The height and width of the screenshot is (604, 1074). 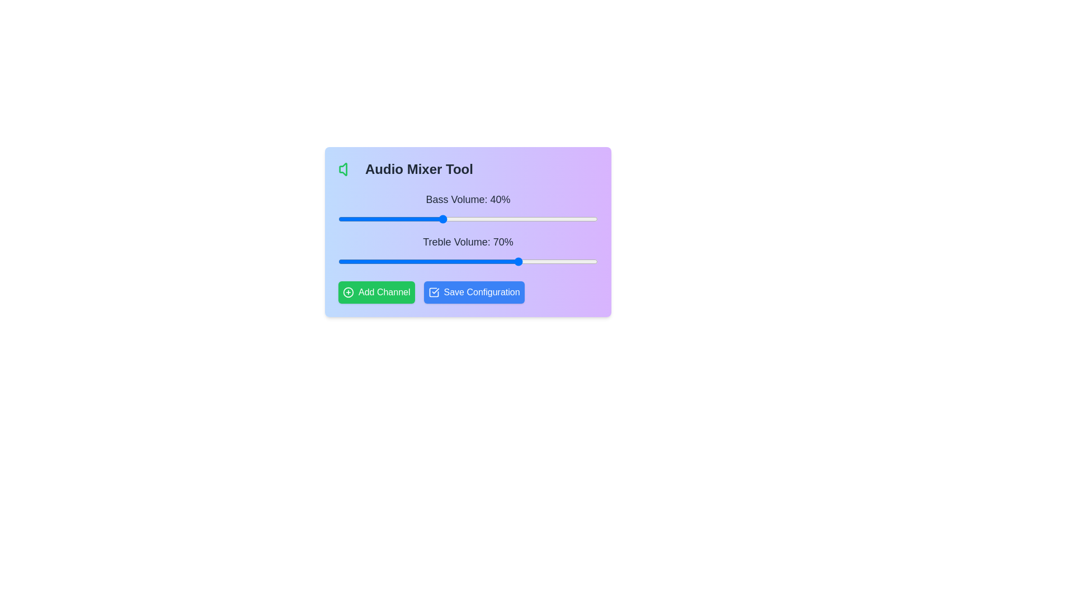 What do you see at coordinates (418, 219) in the screenshot?
I see `the slider` at bounding box center [418, 219].